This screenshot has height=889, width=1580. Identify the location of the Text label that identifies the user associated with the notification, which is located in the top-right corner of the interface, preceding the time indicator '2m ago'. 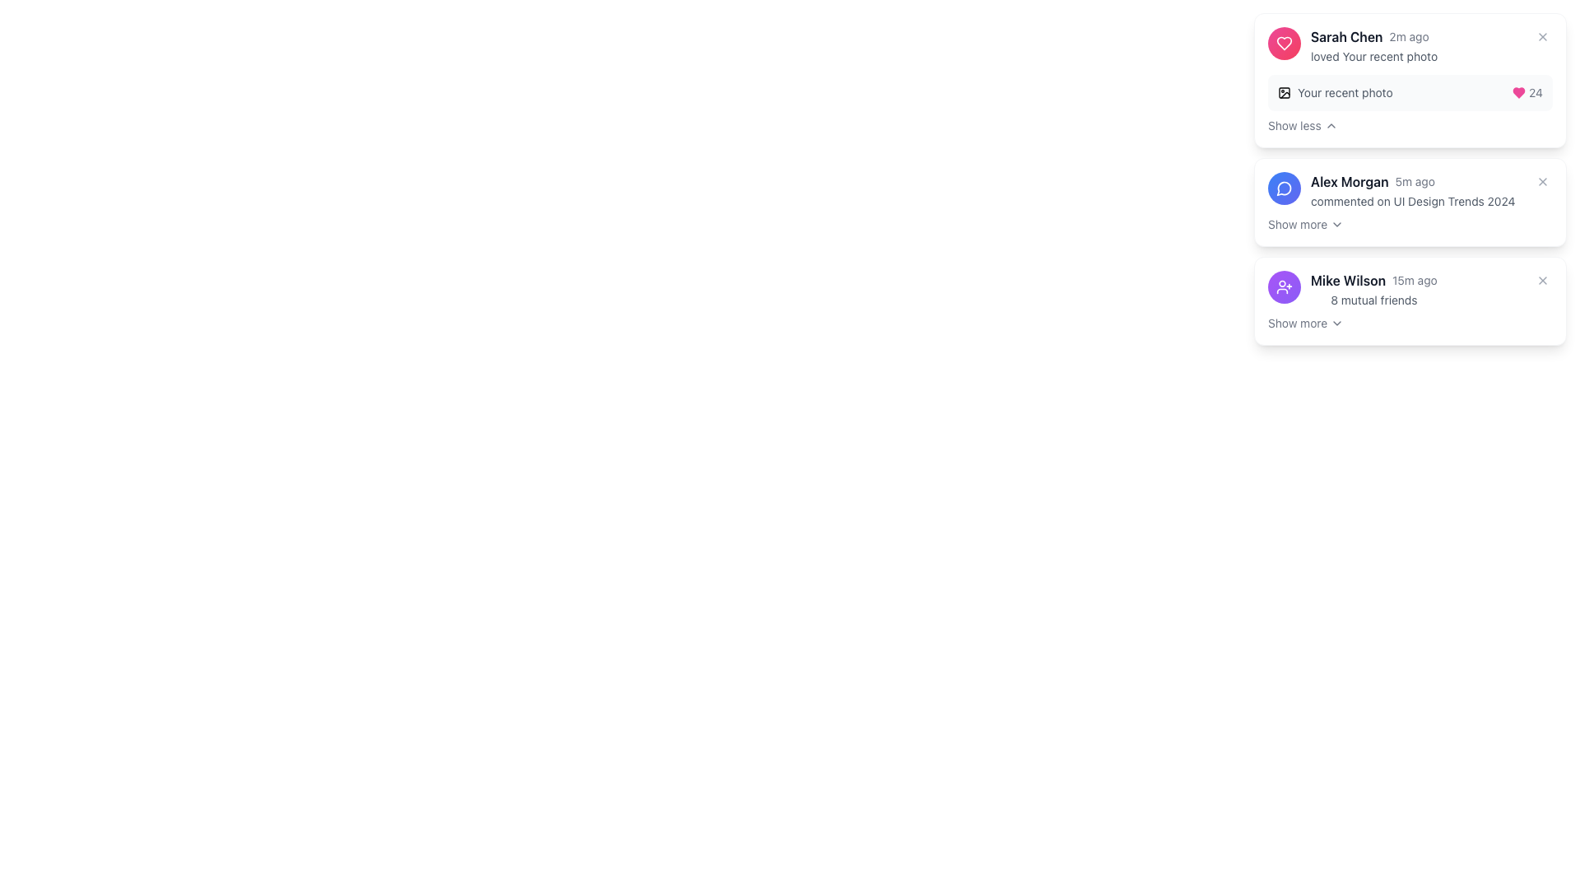
(1346, 37).